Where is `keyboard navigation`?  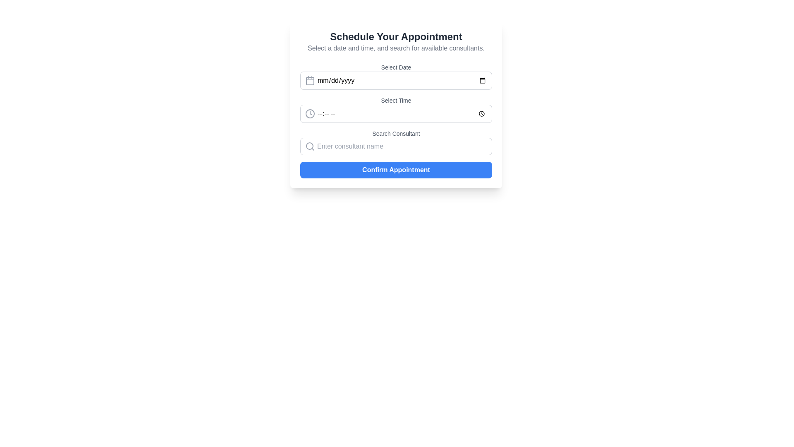
keyboard navigation is located at coordinates (396, 113).